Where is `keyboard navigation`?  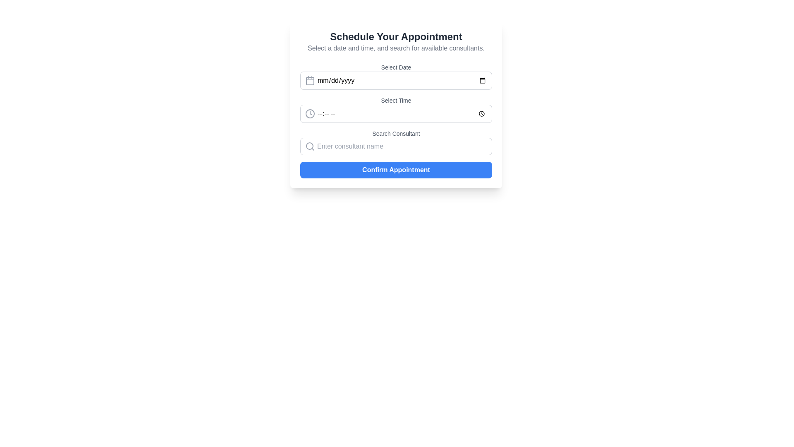
keyboard navigation is located at coordinates (396, 113).